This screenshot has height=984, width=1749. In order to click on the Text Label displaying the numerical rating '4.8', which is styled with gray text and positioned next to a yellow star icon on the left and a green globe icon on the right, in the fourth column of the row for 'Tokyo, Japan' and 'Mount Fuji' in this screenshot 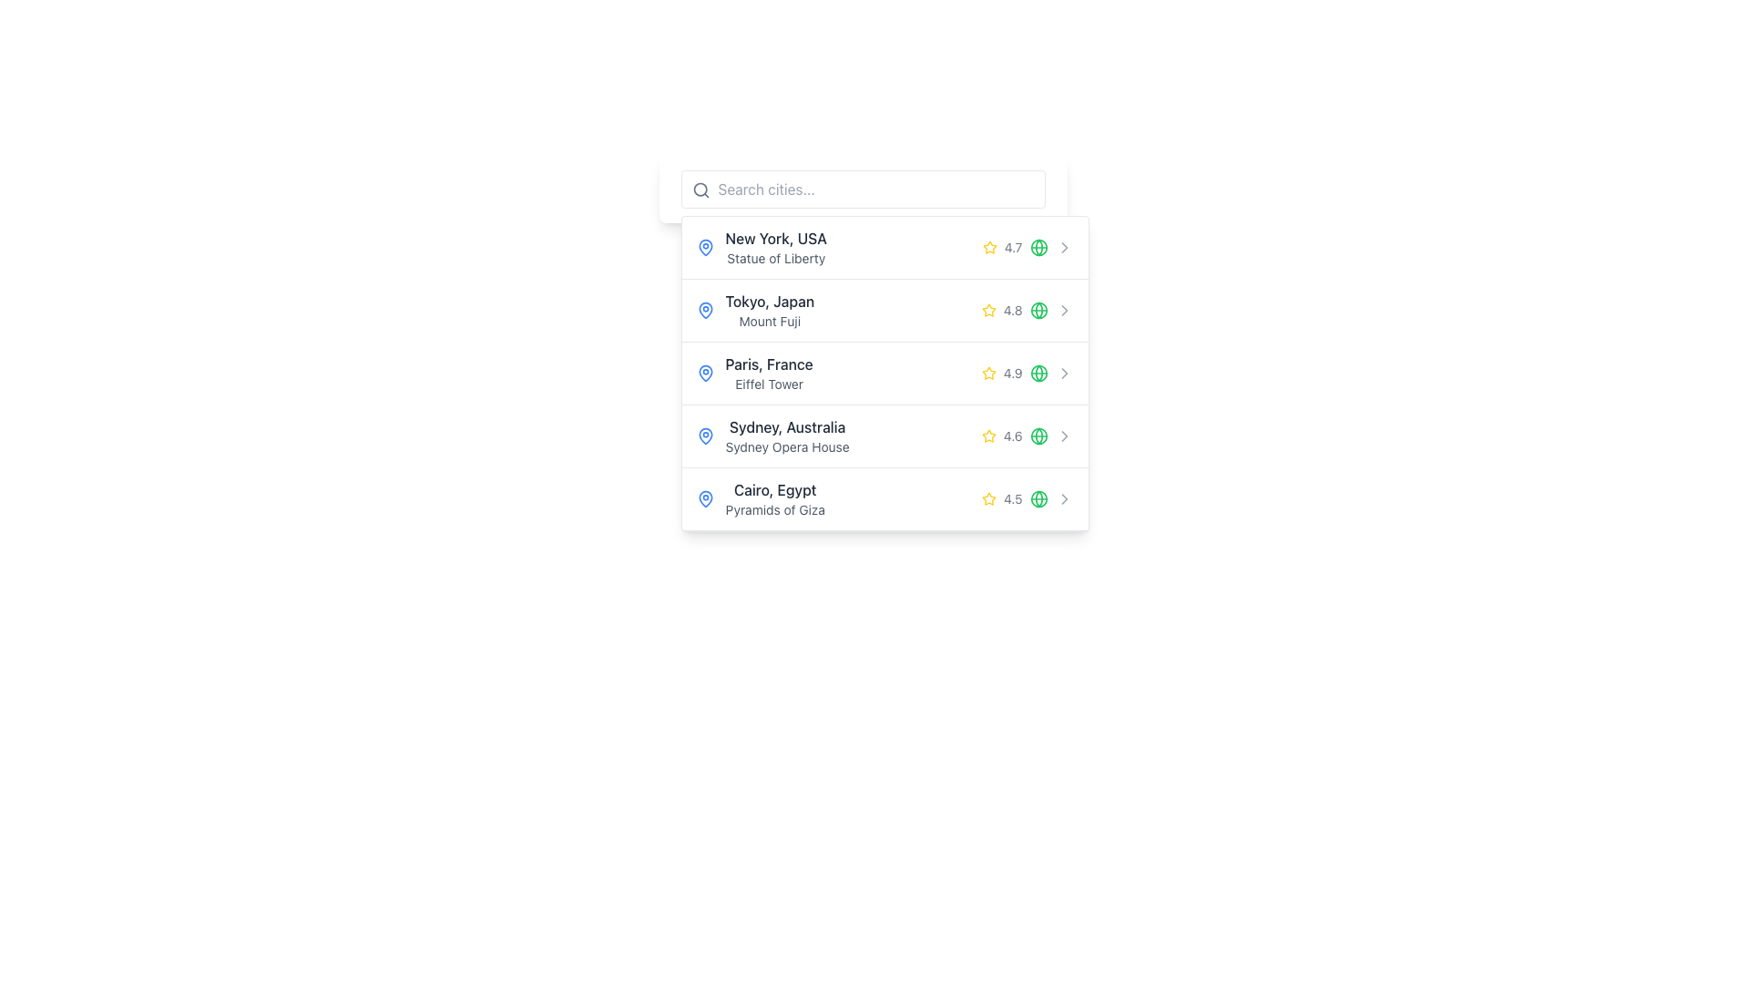, I will do `click(1014, 309)`.